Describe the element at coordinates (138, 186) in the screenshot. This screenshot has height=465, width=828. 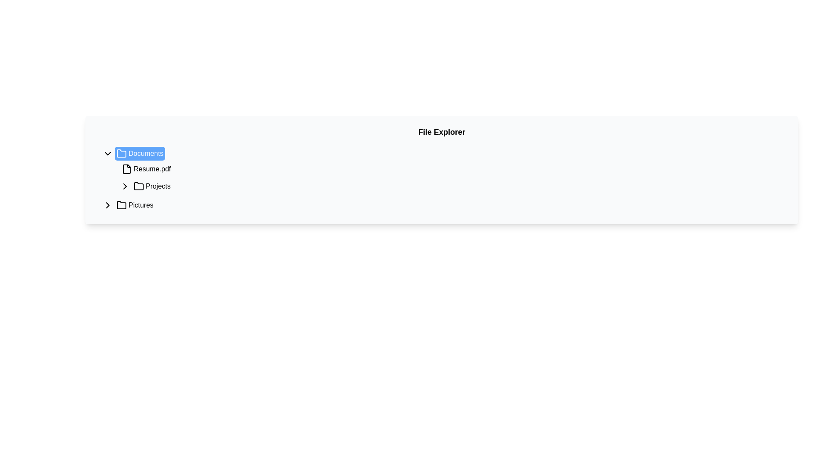
I see `the Folder icon that is outlined with a black stroke, positioned to the left of the text 'Projects'` at that location.